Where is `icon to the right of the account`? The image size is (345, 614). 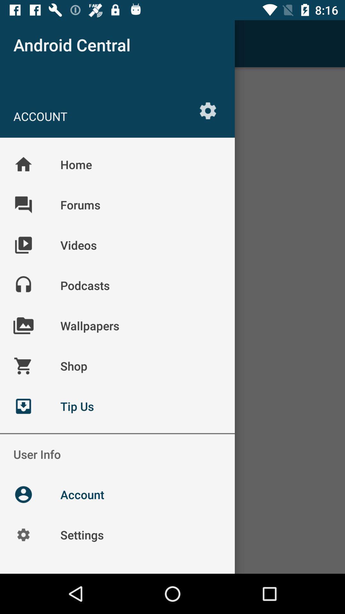
icon to the right of the account is located at coordinates (208, 111).